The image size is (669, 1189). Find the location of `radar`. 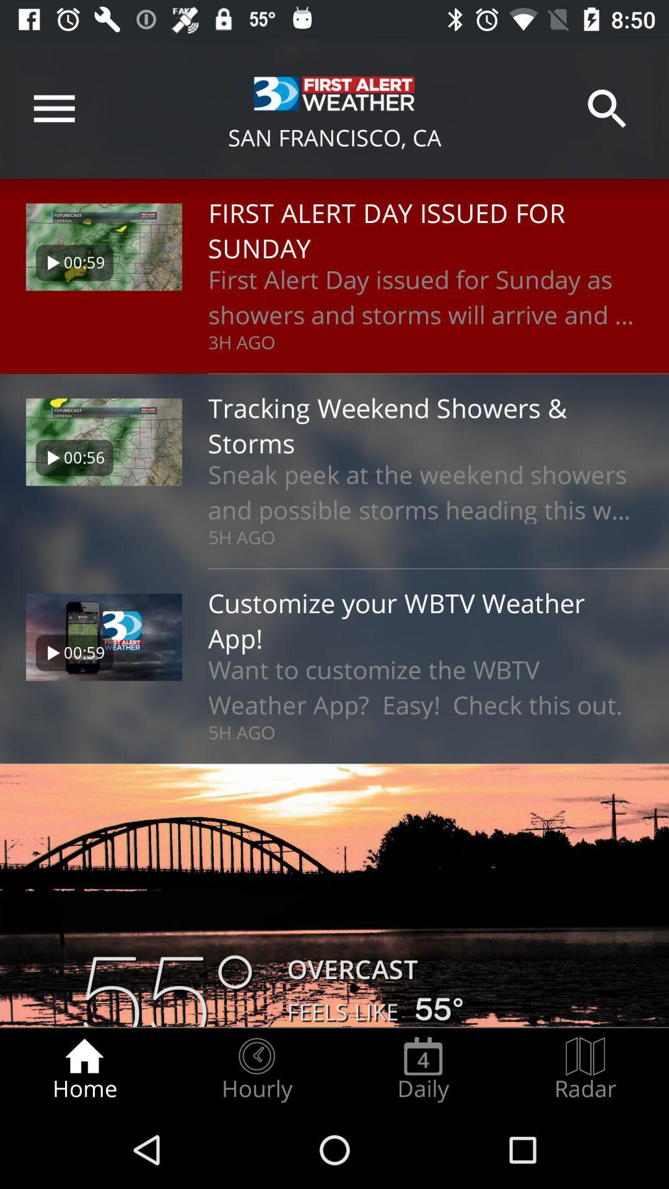

radar is located at coordinates (585, 1069).